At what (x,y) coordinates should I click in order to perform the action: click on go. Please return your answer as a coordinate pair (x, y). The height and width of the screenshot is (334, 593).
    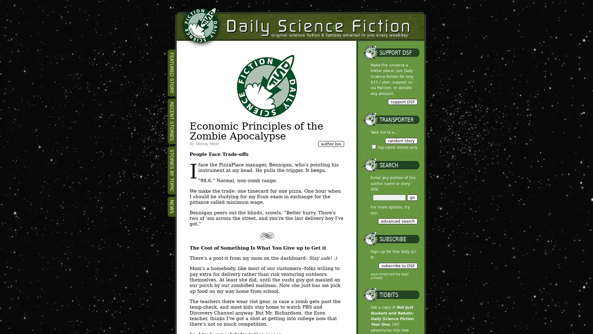
    Looking at the image, I should click on (412, 197).